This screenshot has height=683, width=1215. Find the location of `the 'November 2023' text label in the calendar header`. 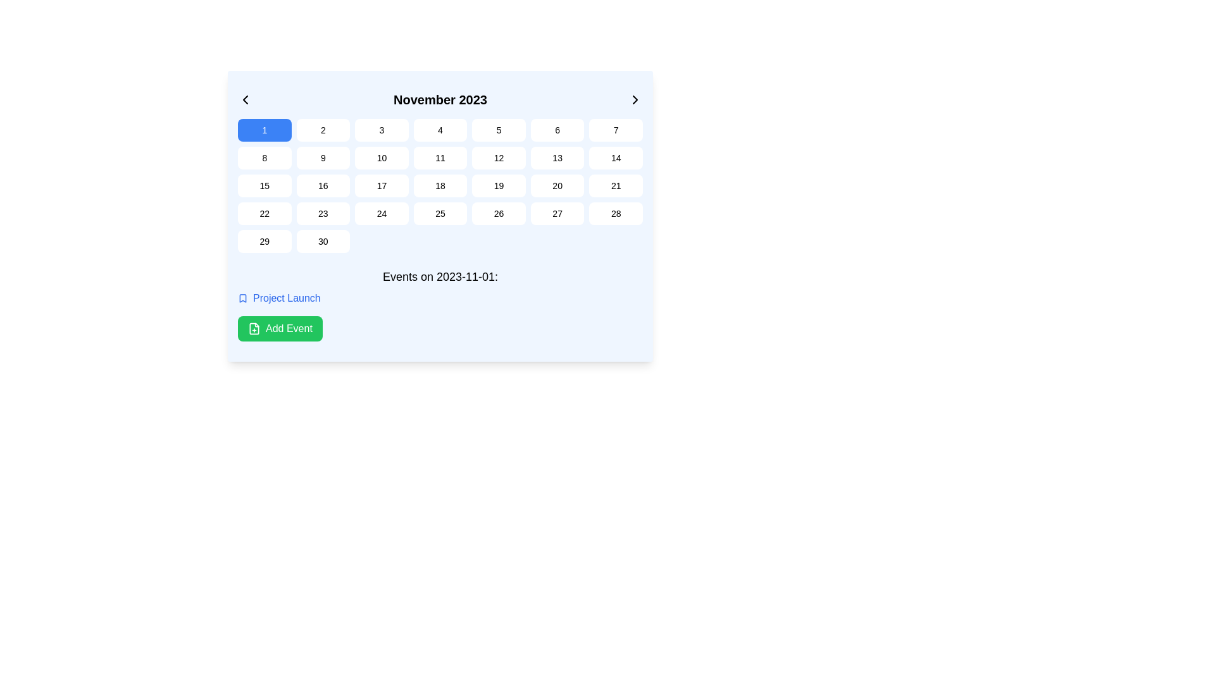

the 'November 2023' text label in the calendar header is located at coordinates (440, 99).